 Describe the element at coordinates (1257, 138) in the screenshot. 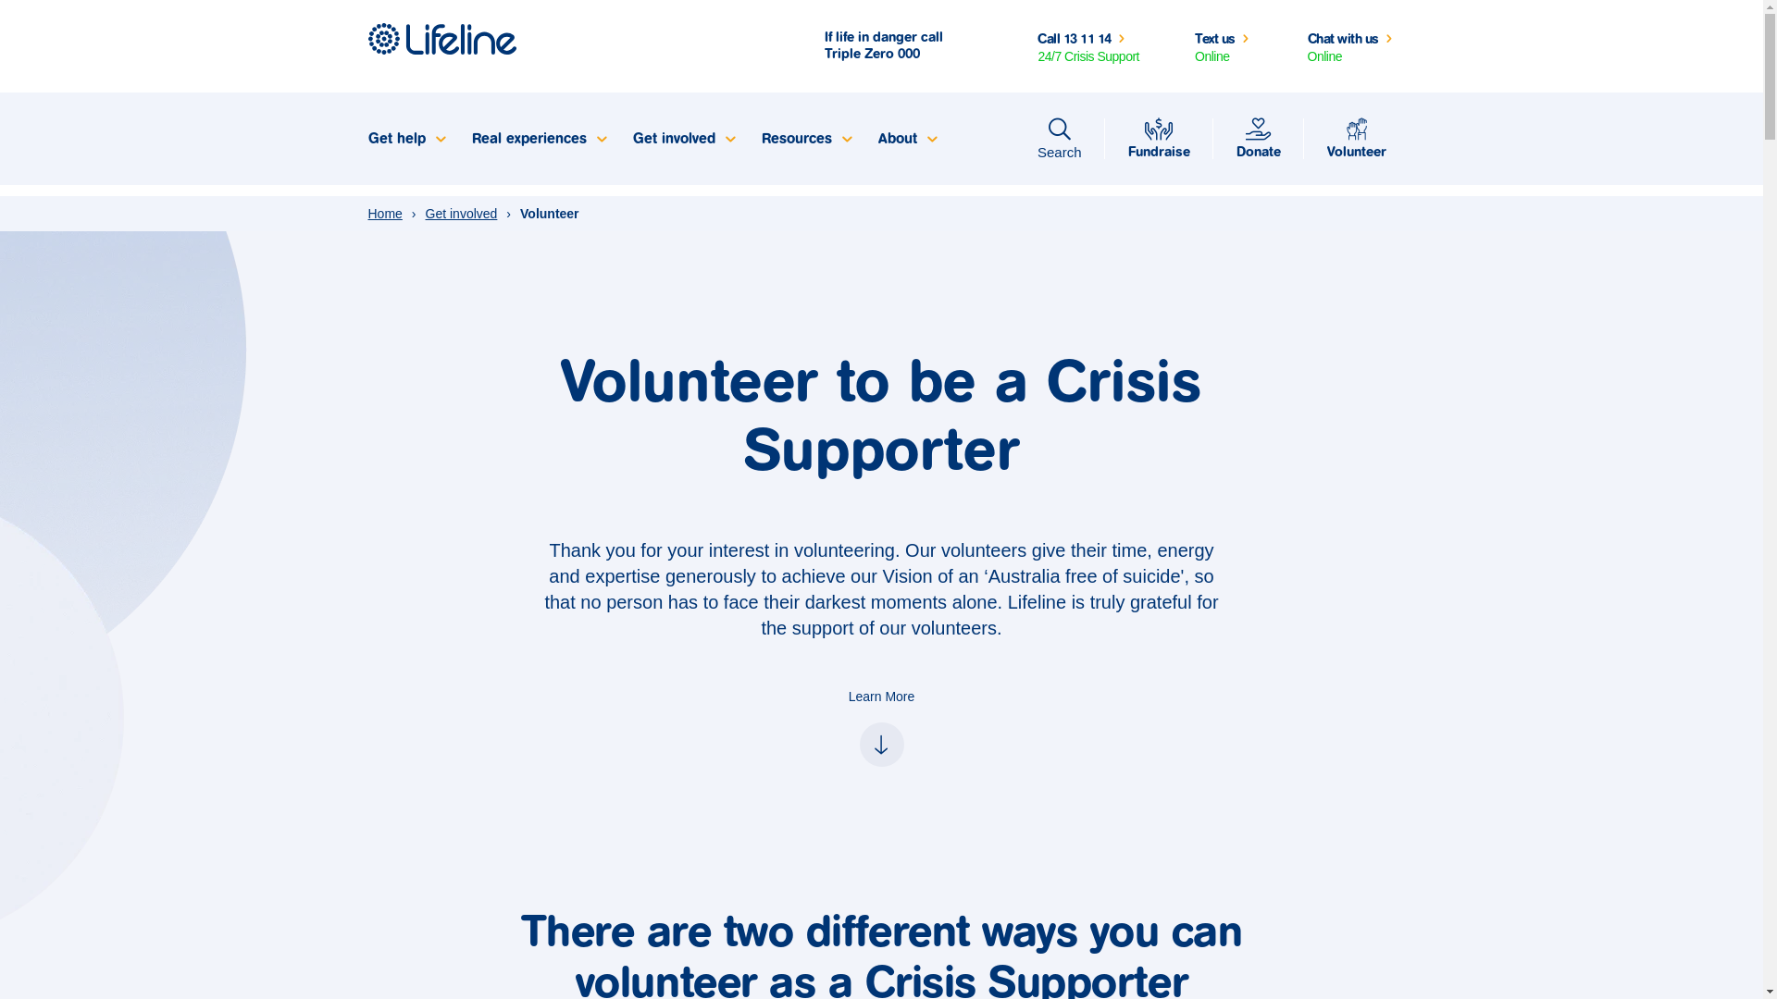

I see `'Donate'` at that location.